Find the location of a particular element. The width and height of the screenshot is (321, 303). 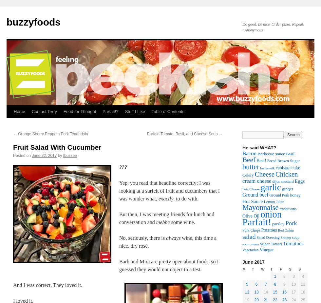

'Tamari' is located at coordinates (276, 244).